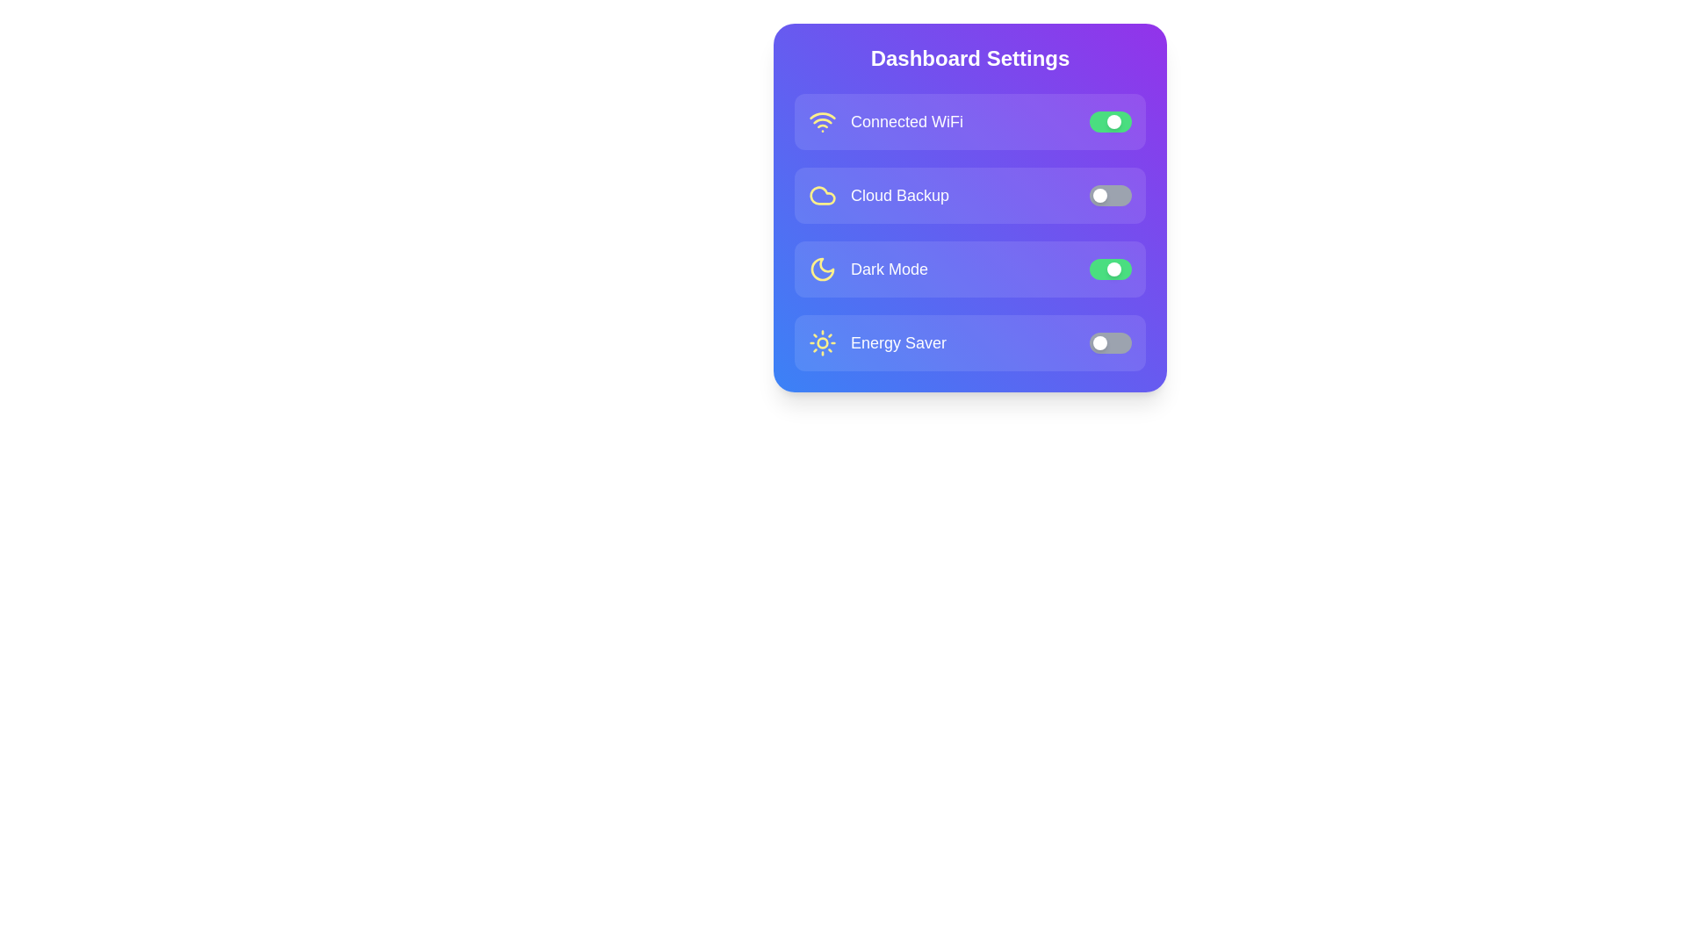  What do you see at coordinates (1110, 342) in the screenshot?
I see `the setting Energy Saver by clicking its toggle button` at bounding box center [1110, 342].